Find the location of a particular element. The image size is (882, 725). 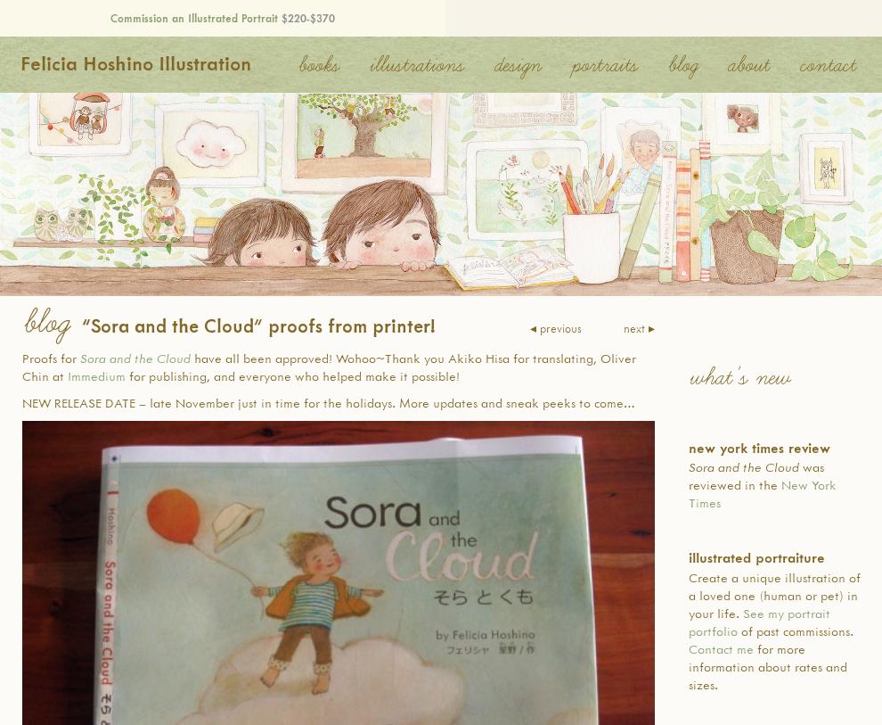

'$220-$370' is located at coordinates (277, 16).